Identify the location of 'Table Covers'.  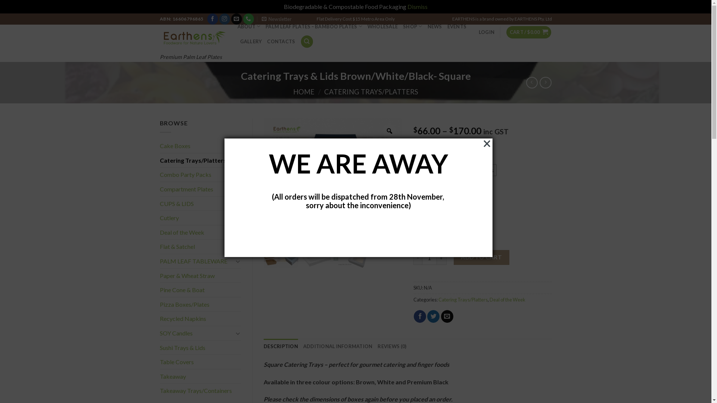
(159, 361).